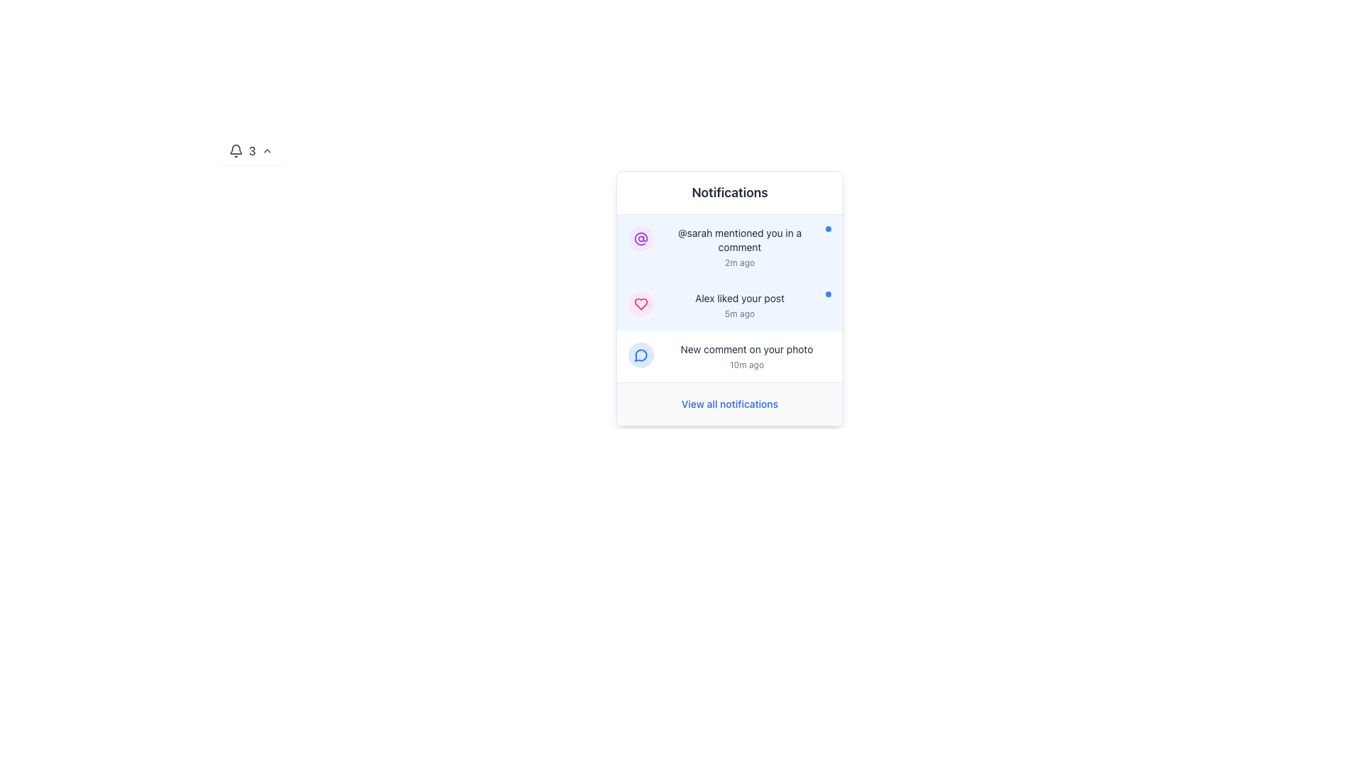 The width and height of the screenshot is (1362, 766). Describe the element at coordinates (746, 350) in the screenshot. I see `the static text notification that reads 'New comment on your photo', which is styled in a small gray font and located in the third row of the notification list` at that location.